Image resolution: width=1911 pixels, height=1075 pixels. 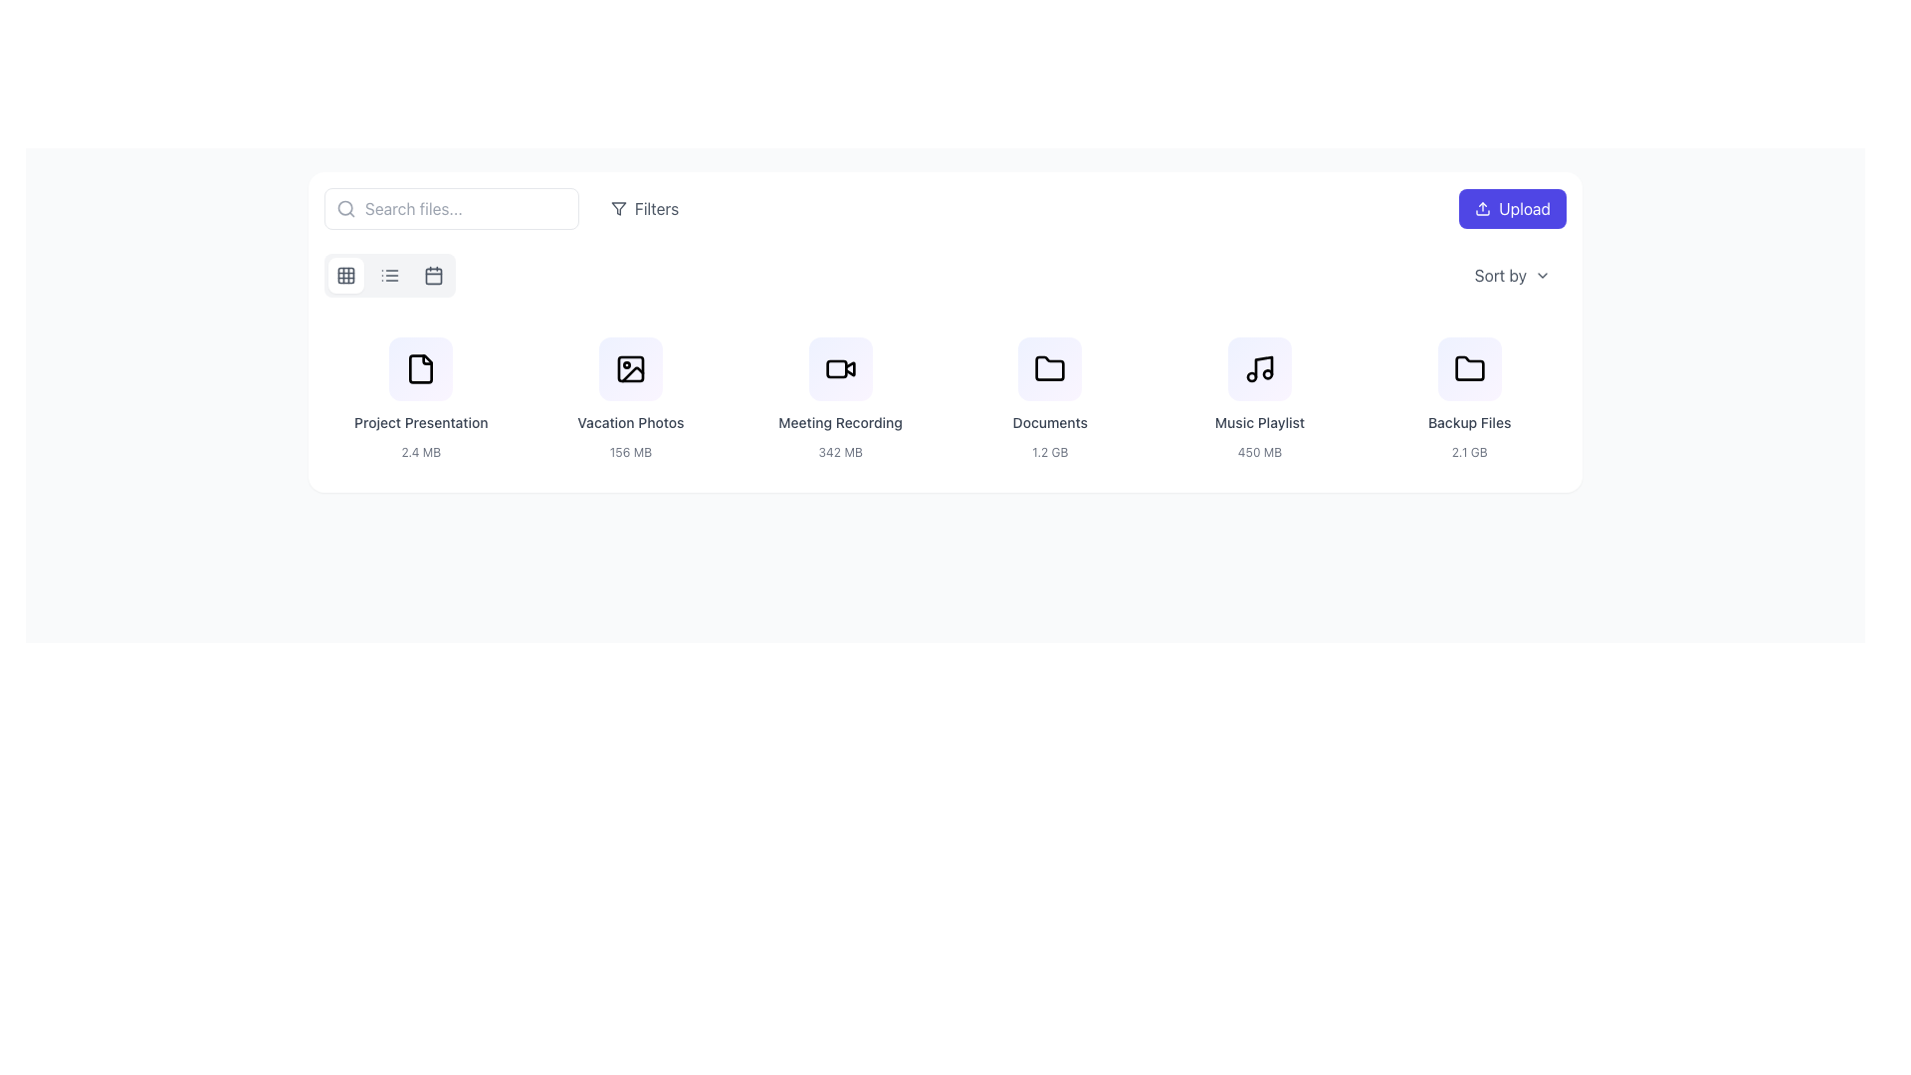 I want to click on the text label displaying 'Vacation Photos', which is styled in gray and positioned below its associated icon, so click(x=629, y=421).